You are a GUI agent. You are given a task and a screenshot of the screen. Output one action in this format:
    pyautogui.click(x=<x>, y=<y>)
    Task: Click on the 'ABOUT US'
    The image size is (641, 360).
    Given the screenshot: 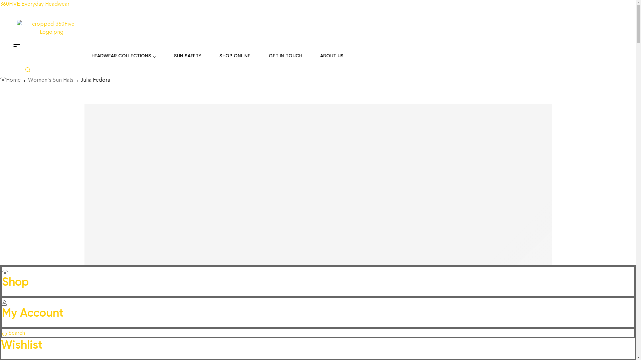 What is the action you would take?
    pyautogui.click(x=328, y=56)
    